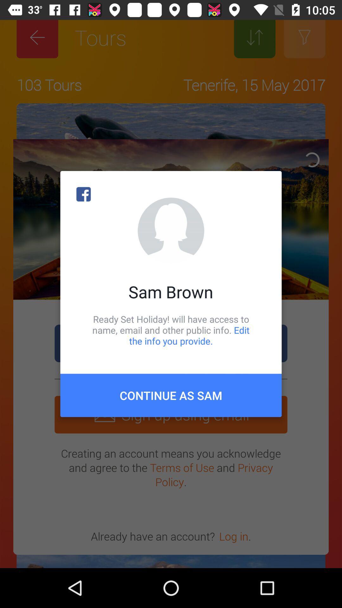 Image resolution: width=342 pixels, height=608 pixels. I want to click on the continue as sam, so click(171, 395).